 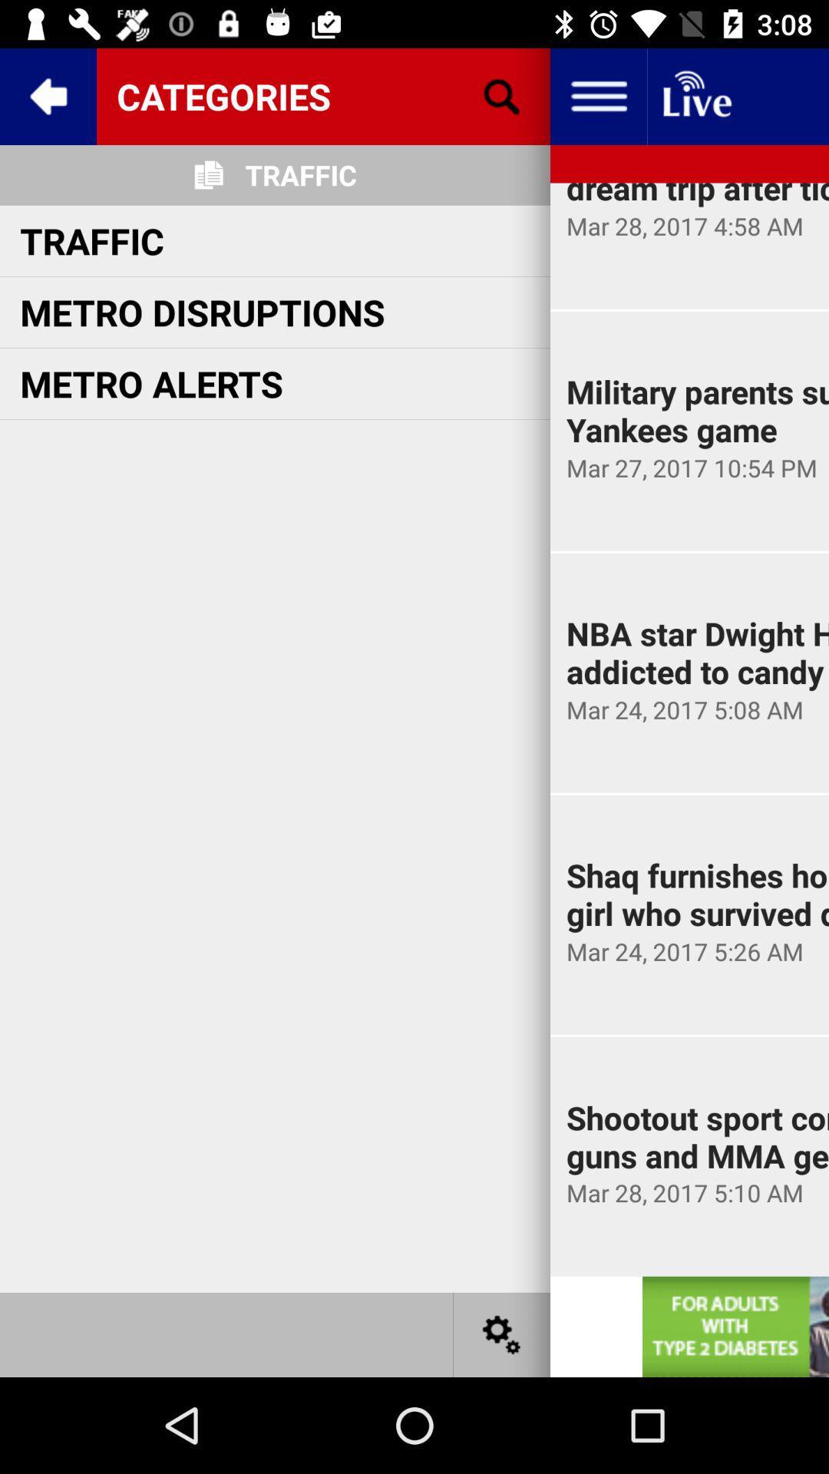 What do you see at coordinates (735, 1326) in the screenshot?
I see `website` at bounding box center [735, 1326].